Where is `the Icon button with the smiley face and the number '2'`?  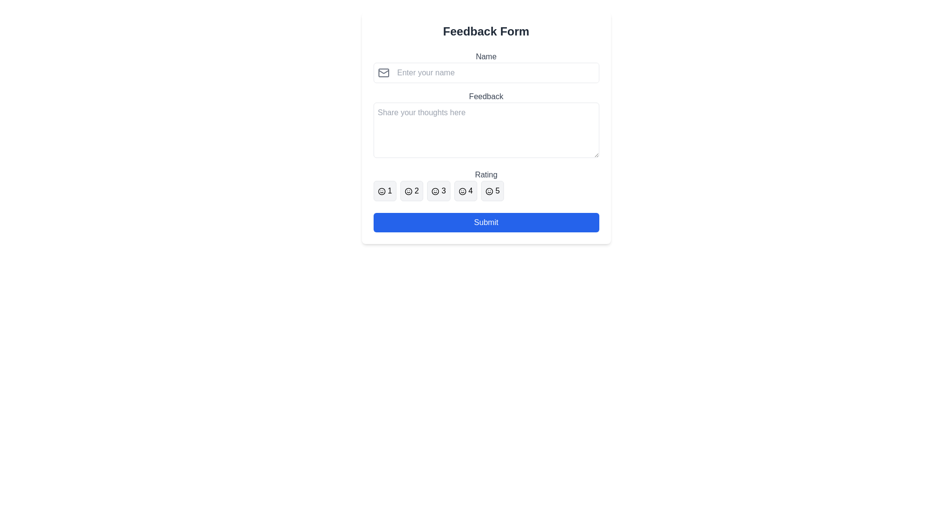
the Icon button with the smiley face and the number '2' is located at coordinates (408, 191).